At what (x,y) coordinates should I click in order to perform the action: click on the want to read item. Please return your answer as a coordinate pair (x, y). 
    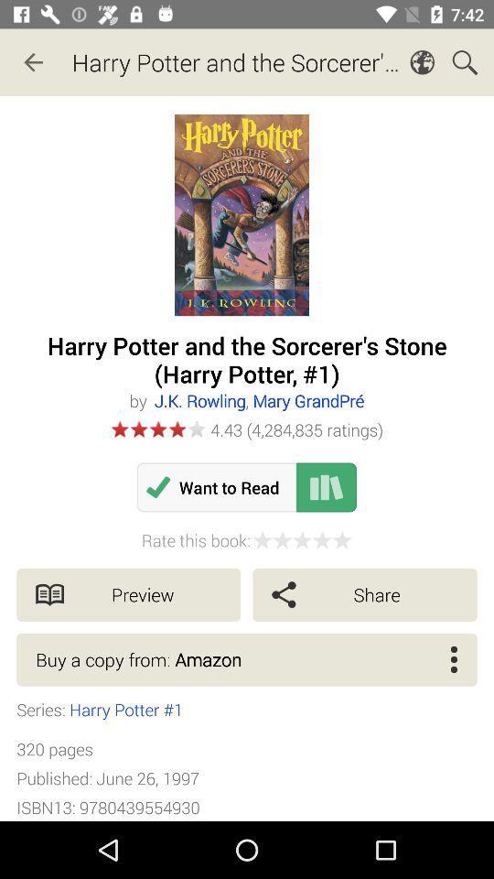
    Looking at the image, I should click on (217, 486).